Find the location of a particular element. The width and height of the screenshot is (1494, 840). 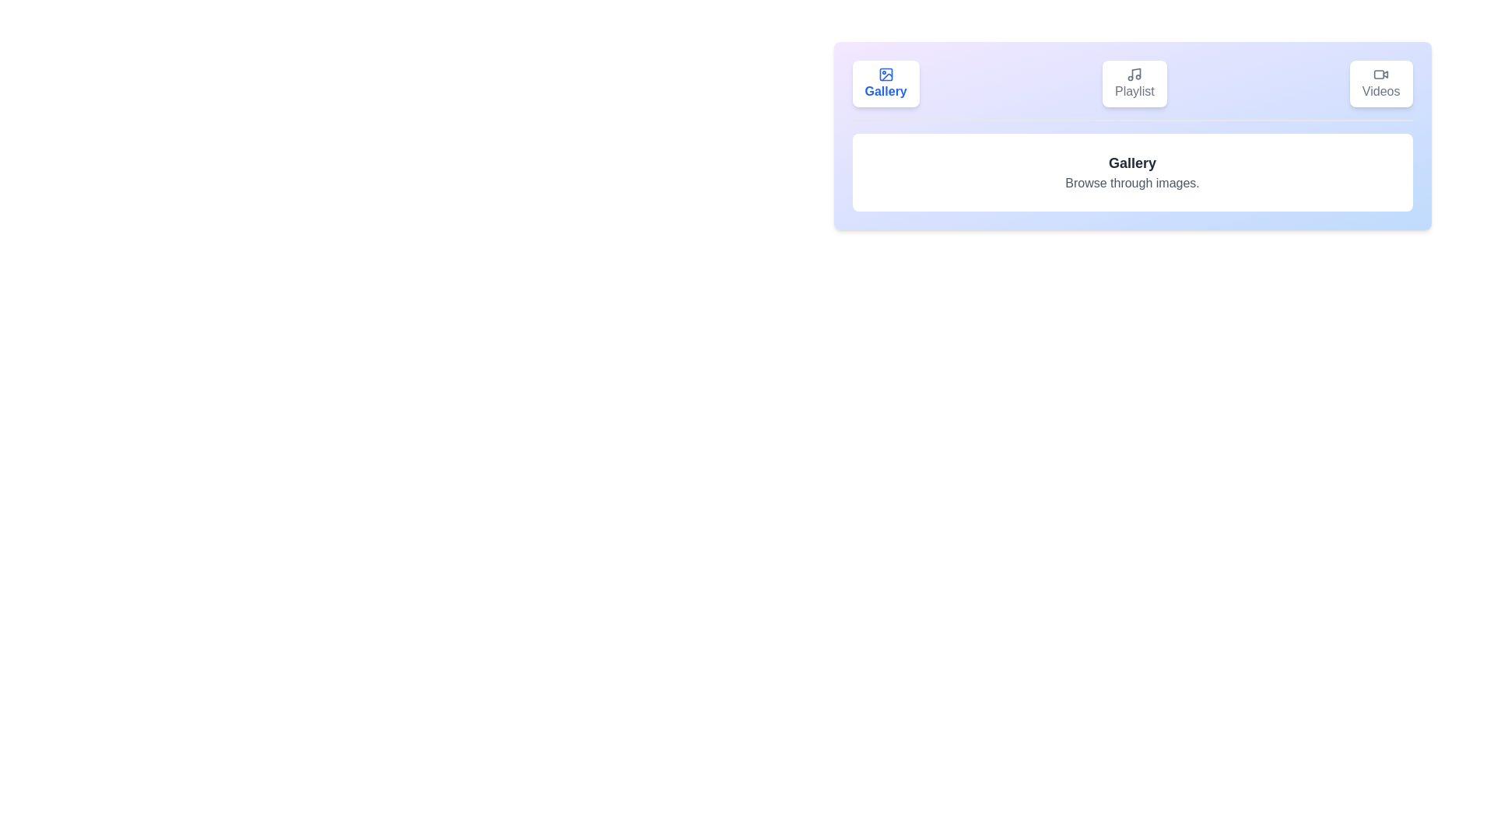

the Videos tab by clicking on its button is located at coordinates (1381, 84).